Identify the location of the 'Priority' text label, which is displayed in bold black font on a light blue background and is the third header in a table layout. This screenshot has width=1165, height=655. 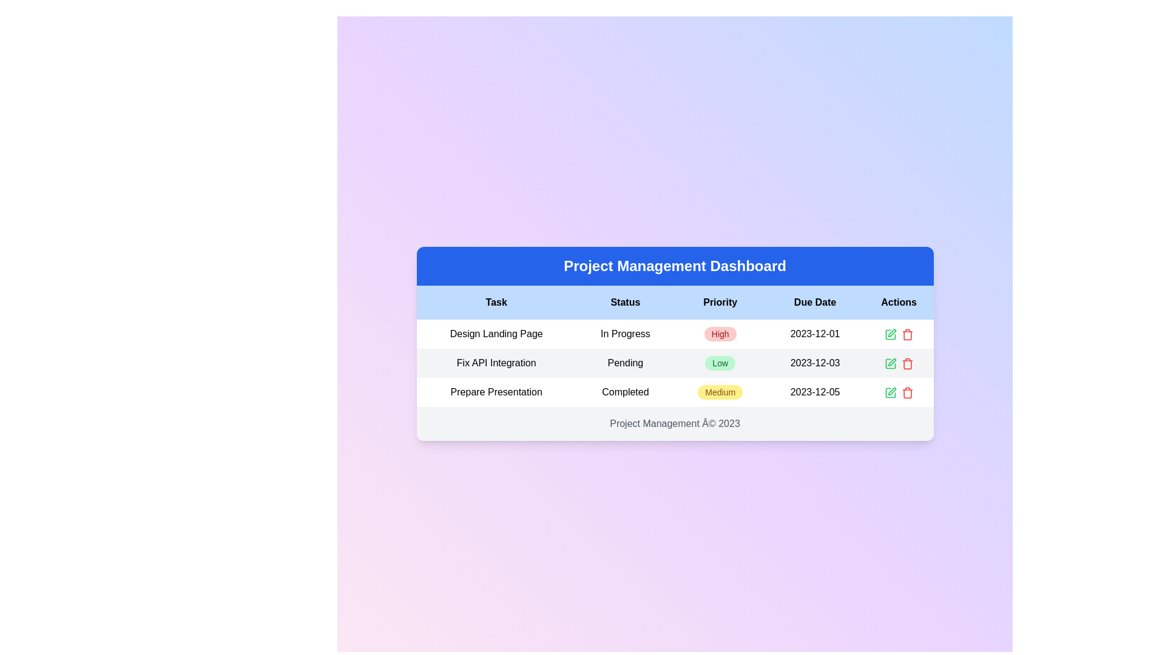
(720, 301).